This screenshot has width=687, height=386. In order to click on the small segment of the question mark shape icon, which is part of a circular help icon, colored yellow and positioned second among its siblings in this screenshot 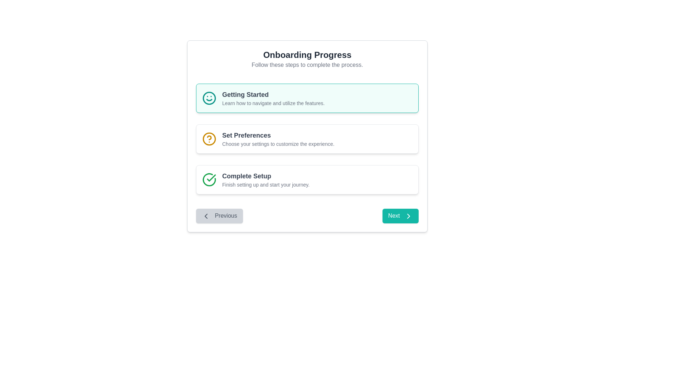, I will do `click(209, 138)`.